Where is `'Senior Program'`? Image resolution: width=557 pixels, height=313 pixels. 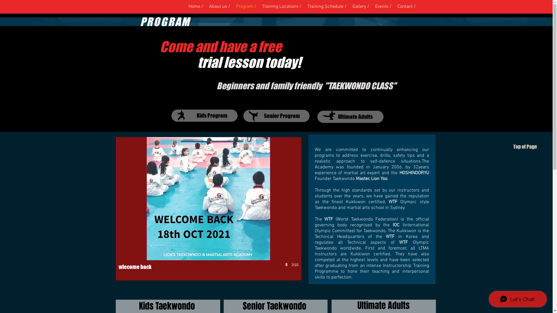
'Senior Program' is located at coordinates (276, 116).